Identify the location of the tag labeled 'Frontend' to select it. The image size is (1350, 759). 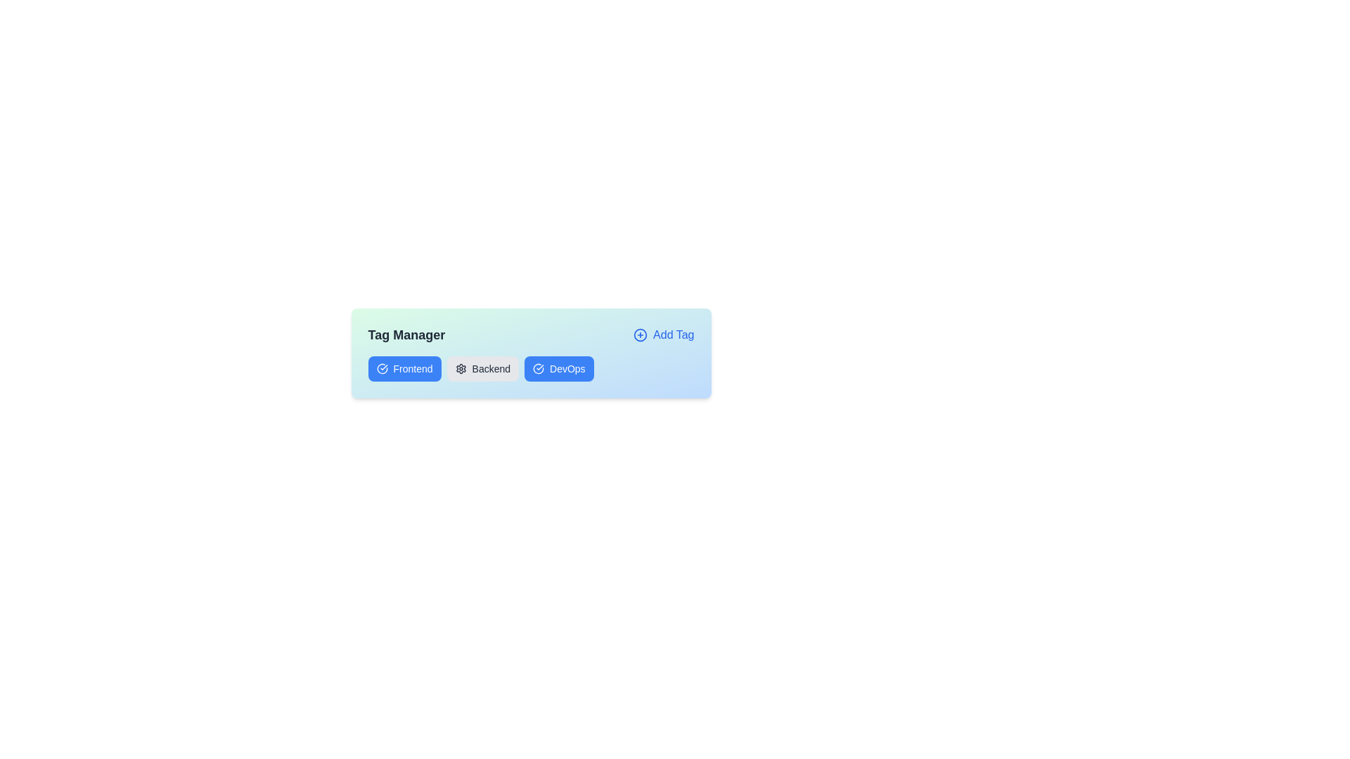
(404, 368).